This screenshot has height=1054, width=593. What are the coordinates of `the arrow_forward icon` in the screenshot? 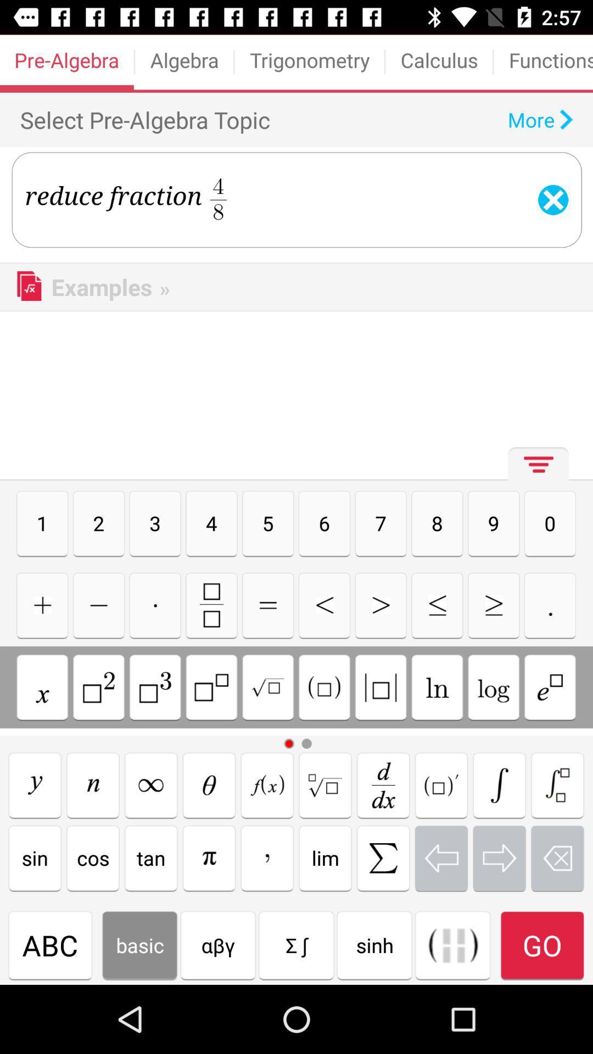 It's located at (493, 604).